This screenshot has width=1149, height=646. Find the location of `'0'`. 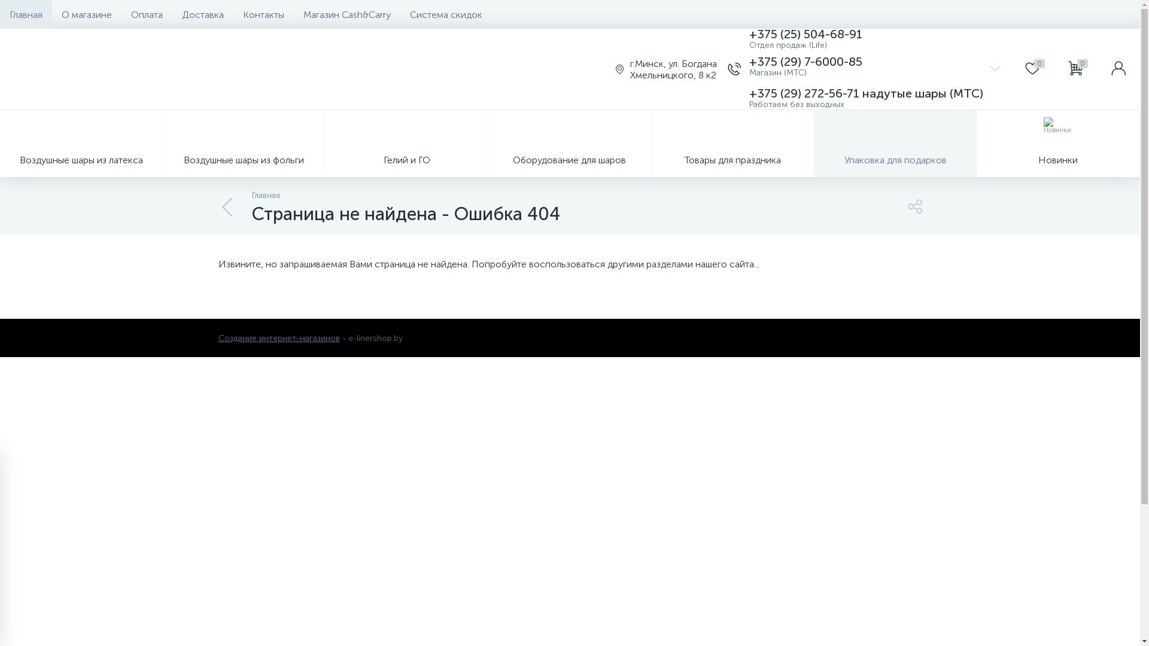

'0' is located at coordinates (1031, 69).